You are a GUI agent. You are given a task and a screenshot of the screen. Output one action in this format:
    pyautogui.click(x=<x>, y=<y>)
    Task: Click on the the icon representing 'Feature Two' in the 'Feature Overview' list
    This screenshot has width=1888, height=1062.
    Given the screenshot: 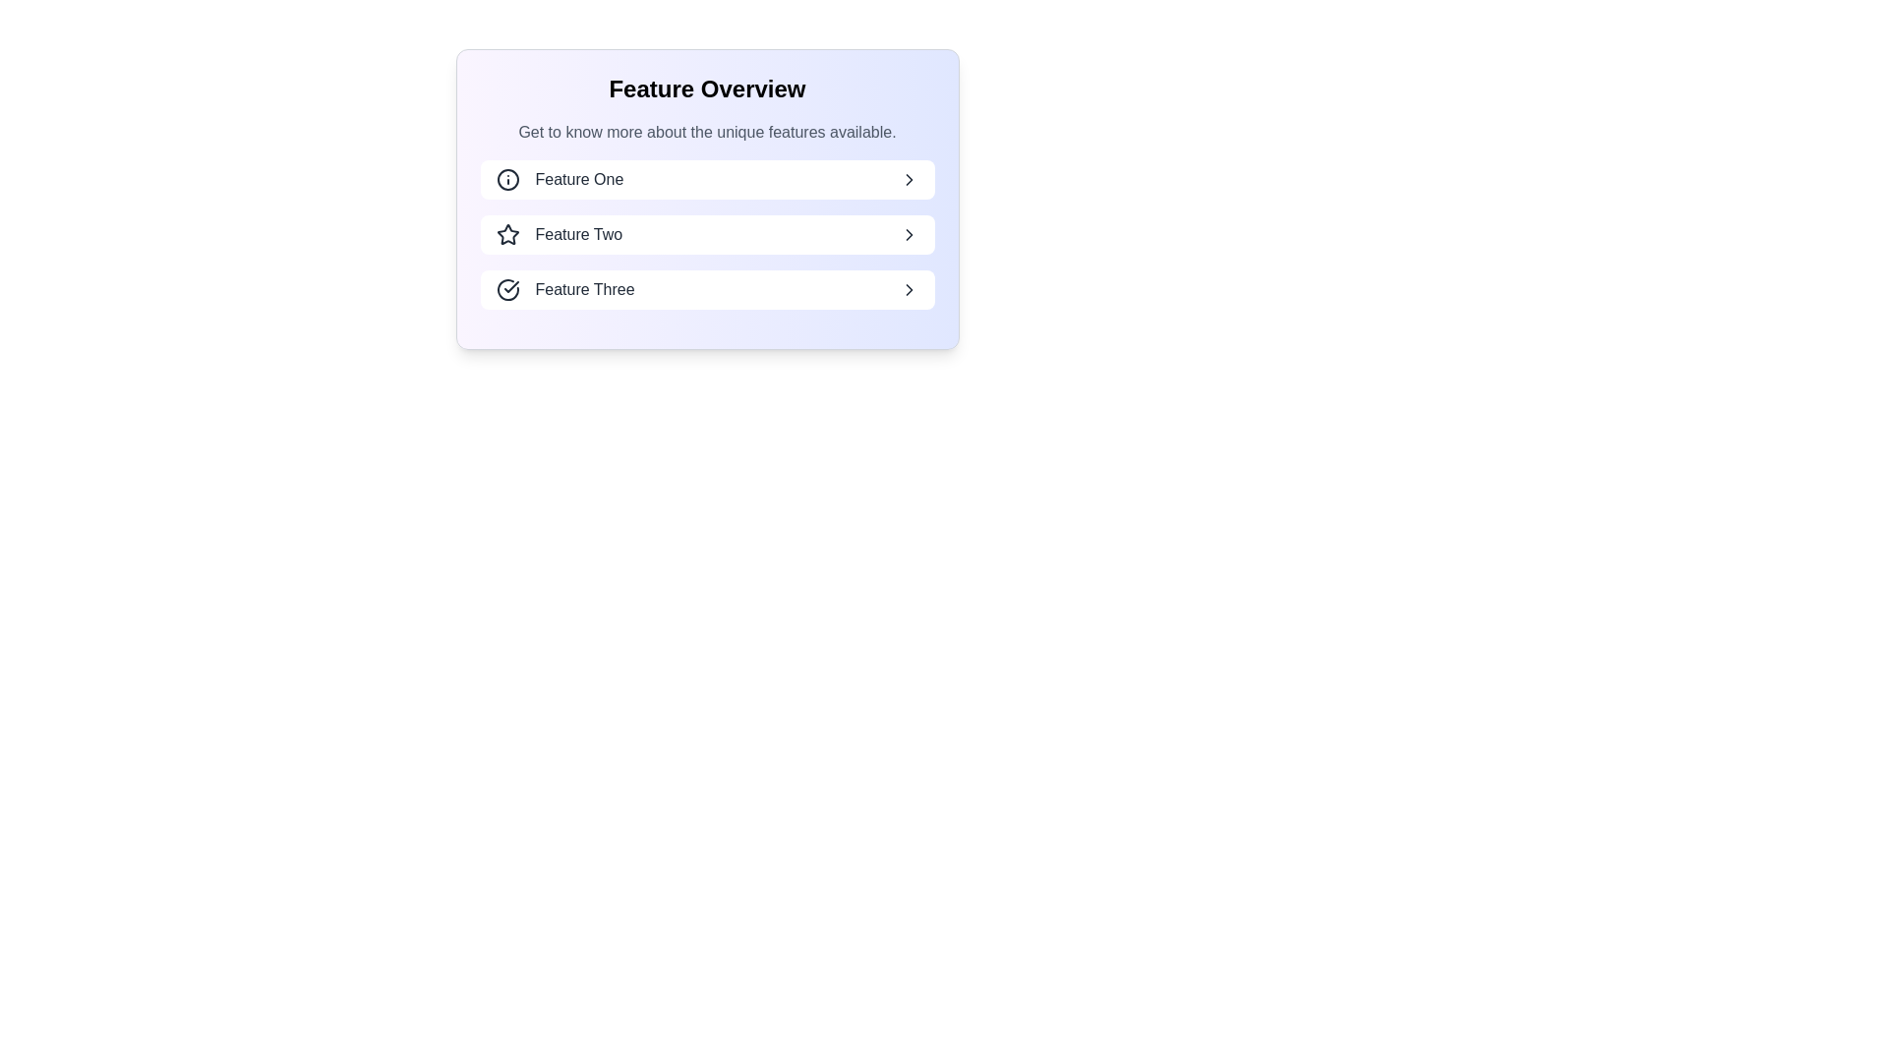 What is the action you would take?
    pyautogui.click(x=507, y=234)
    